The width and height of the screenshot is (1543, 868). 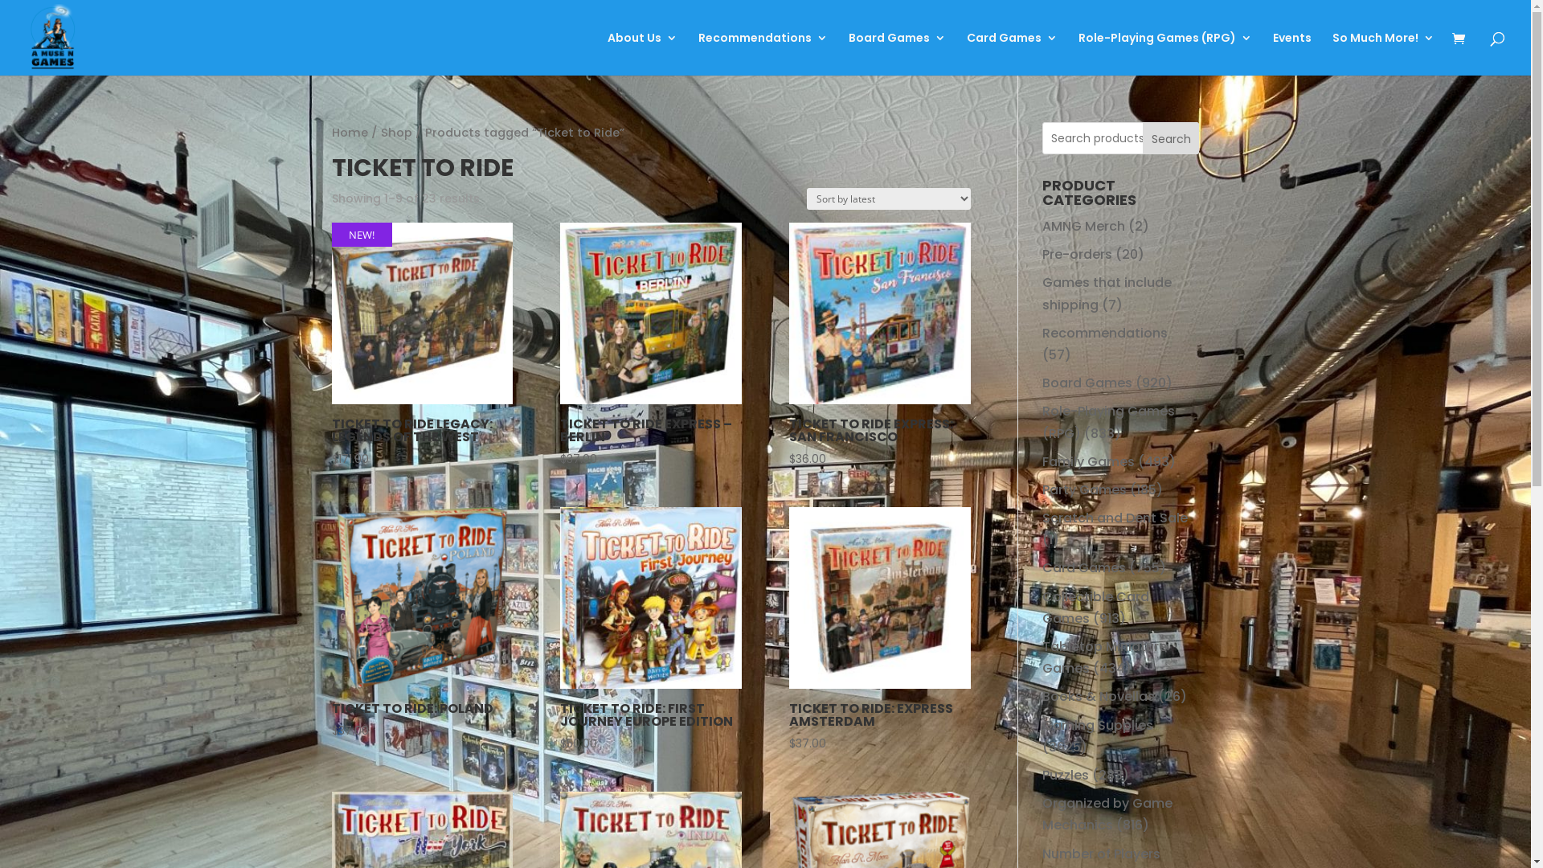 What do you see at coordinates (1084, 489) in the screenshot?
I see `'Party Games'` at bounding box center [1084, 489].